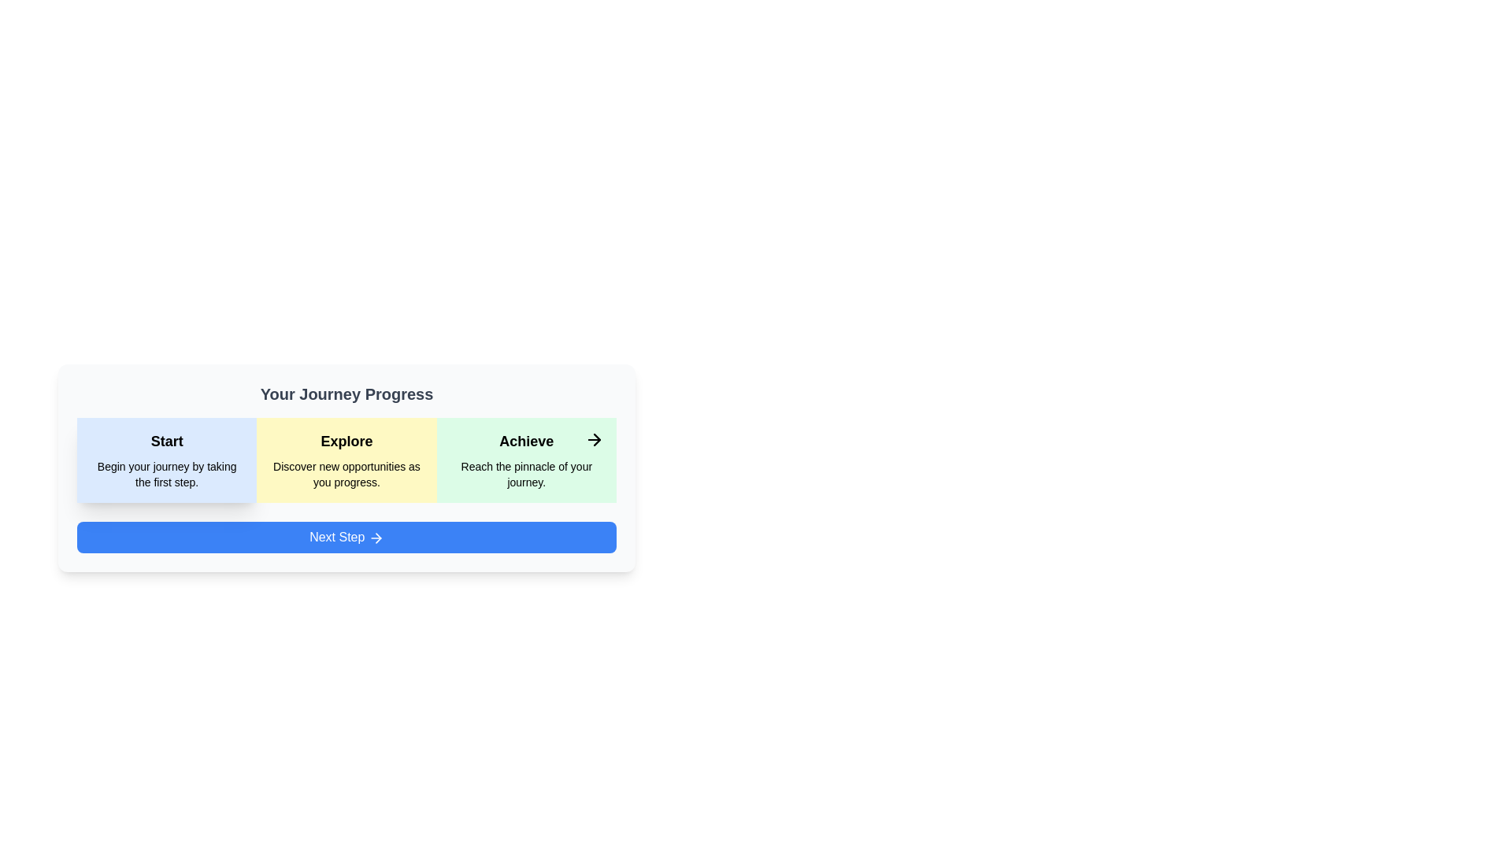 The width and height of the screenshot is (1512, 850). What do you see at coordinates (167, 441) in the screenshot?
I see `the bold, large-font text label that reads 'Start', which is located in the 'Your Journey Progress' area, above the text 'Begin your journey by taking the first step.'` at bounding box center [167, 441].